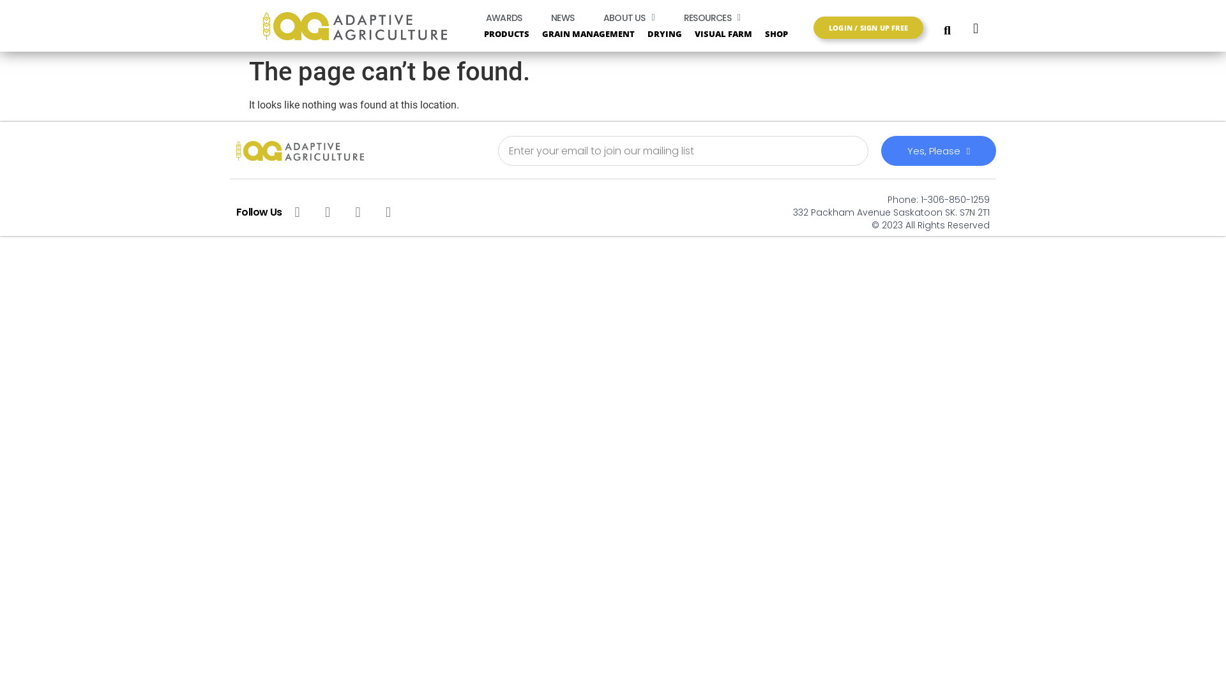 The image size is (1226, 689). Describe the element at coordinates (503, 17) in the screenshot. I see `'AWARDS'` at that location.